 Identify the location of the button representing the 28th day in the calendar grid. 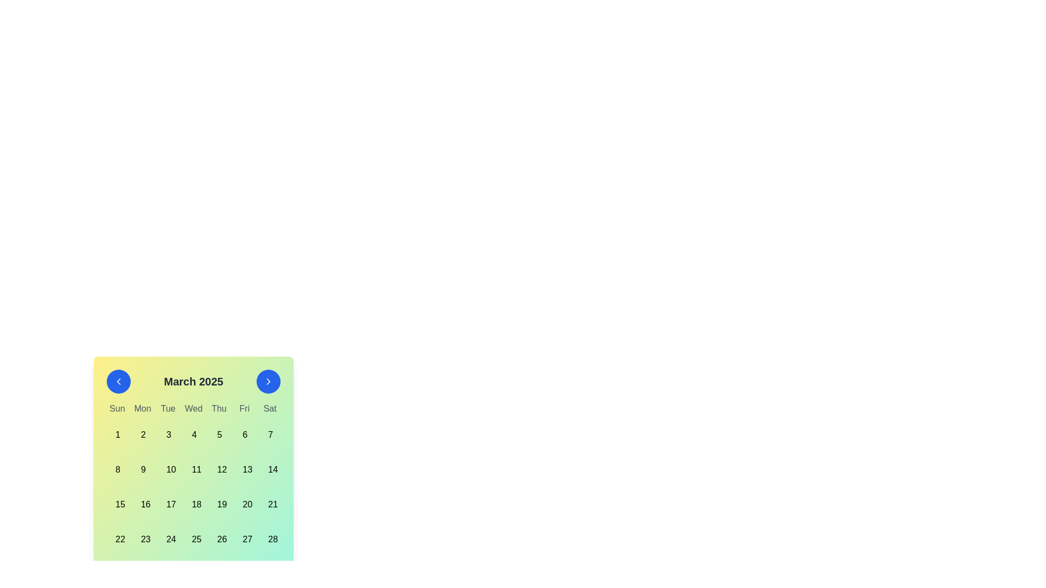
(270, 540).